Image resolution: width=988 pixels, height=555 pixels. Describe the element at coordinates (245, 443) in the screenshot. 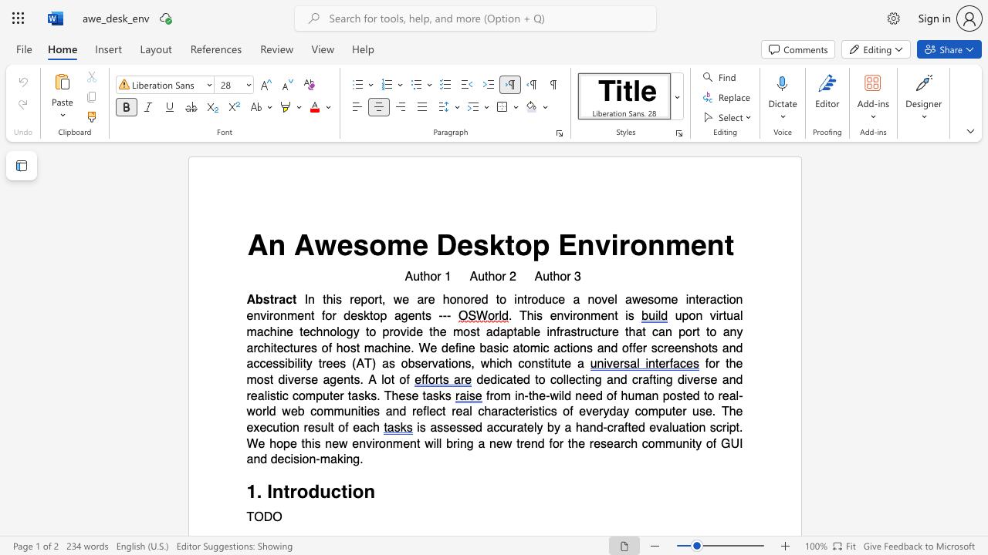

I see `the subset text "We hope this" within the text "is assessed accurately by a hand-crafted evaluation script. We hope this"` at that location.